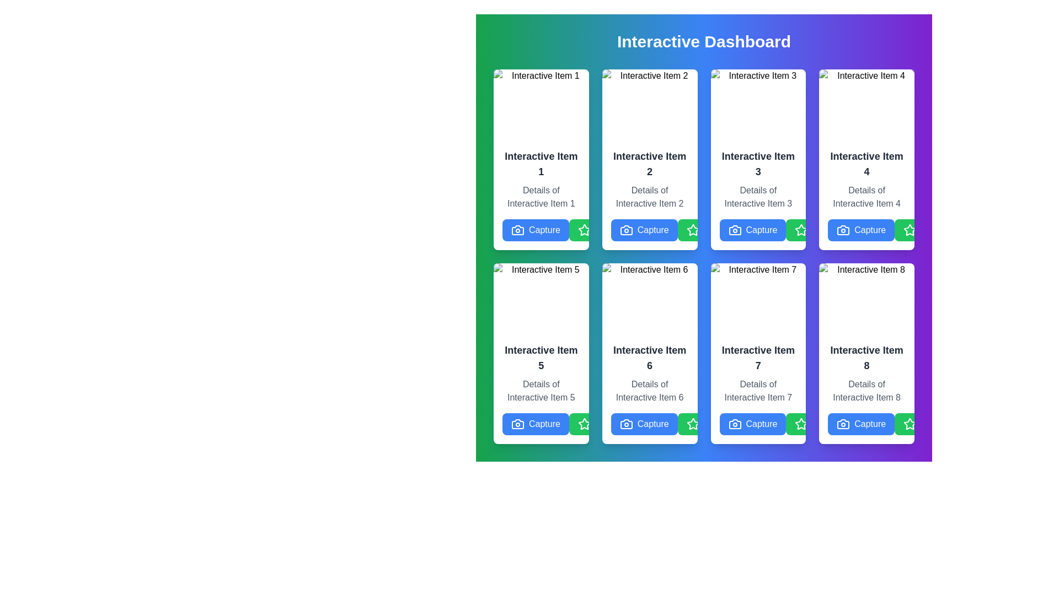  What do you see at coordinates (866, 388) in the screenshot?
I see `on the text block in the bottom-right corner of 'Interactive Item 8' card` at bounding box center [866, 388].